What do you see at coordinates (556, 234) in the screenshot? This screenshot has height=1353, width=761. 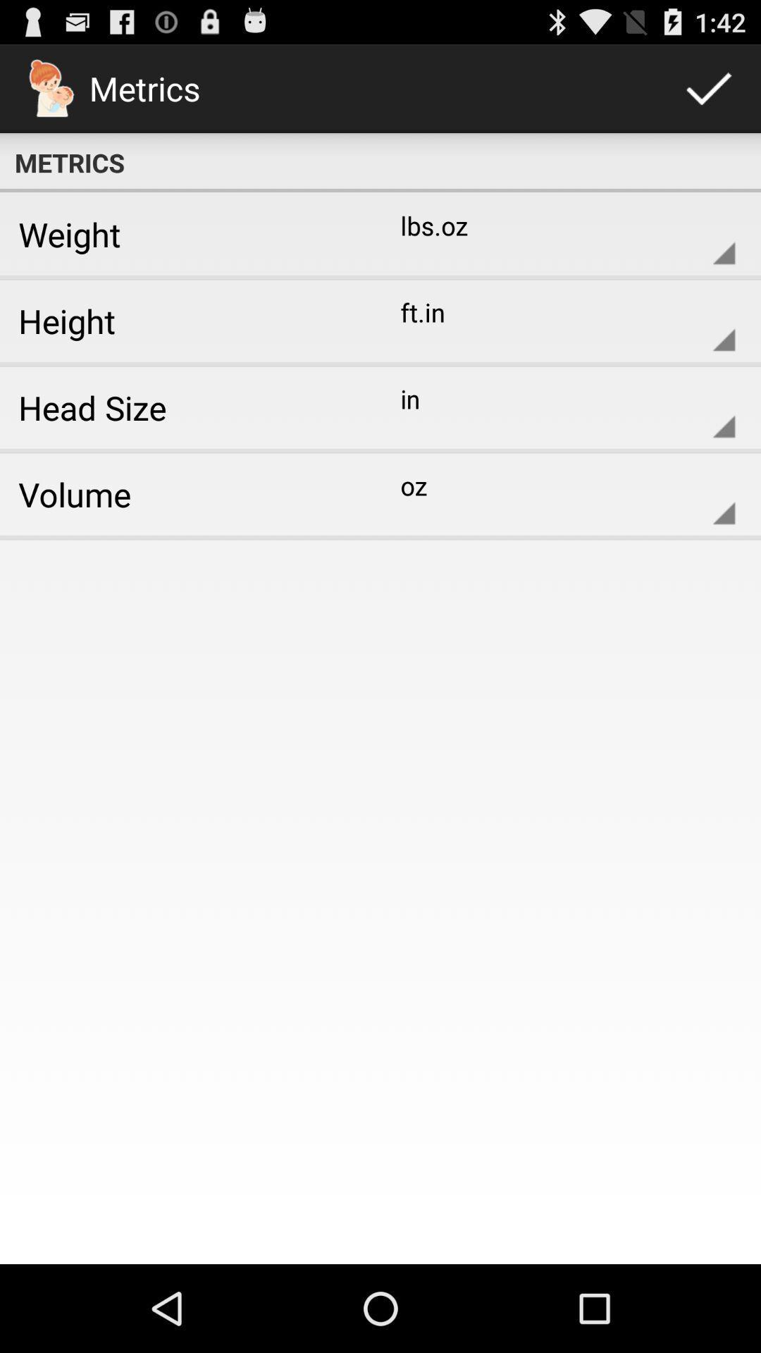 I see `the icon next to weight icon` at bounding box center [556, 234].